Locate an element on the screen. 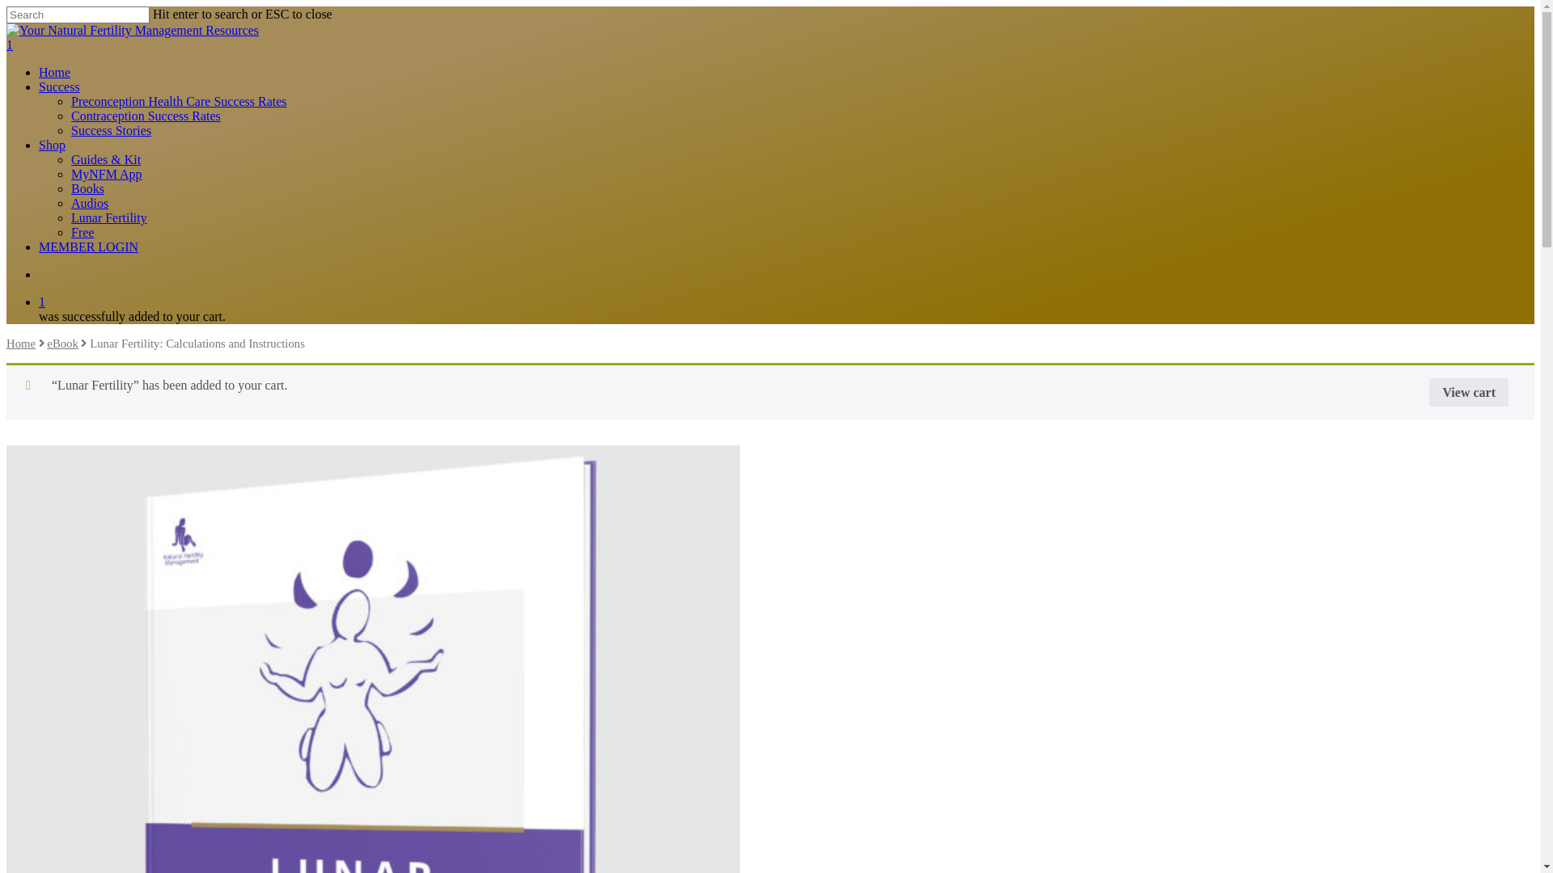  'Success' is located at coordinates (59, 86).